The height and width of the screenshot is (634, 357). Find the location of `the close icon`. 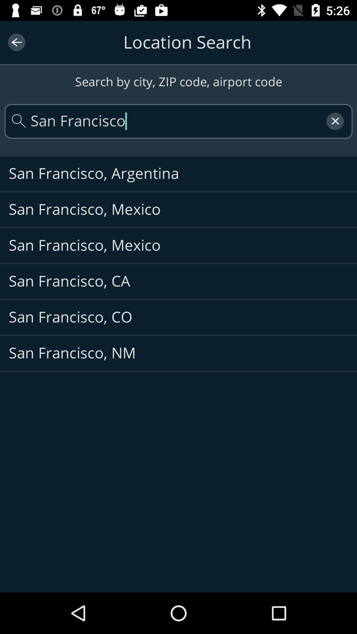

the close icon is located at coordinates (335, 121).